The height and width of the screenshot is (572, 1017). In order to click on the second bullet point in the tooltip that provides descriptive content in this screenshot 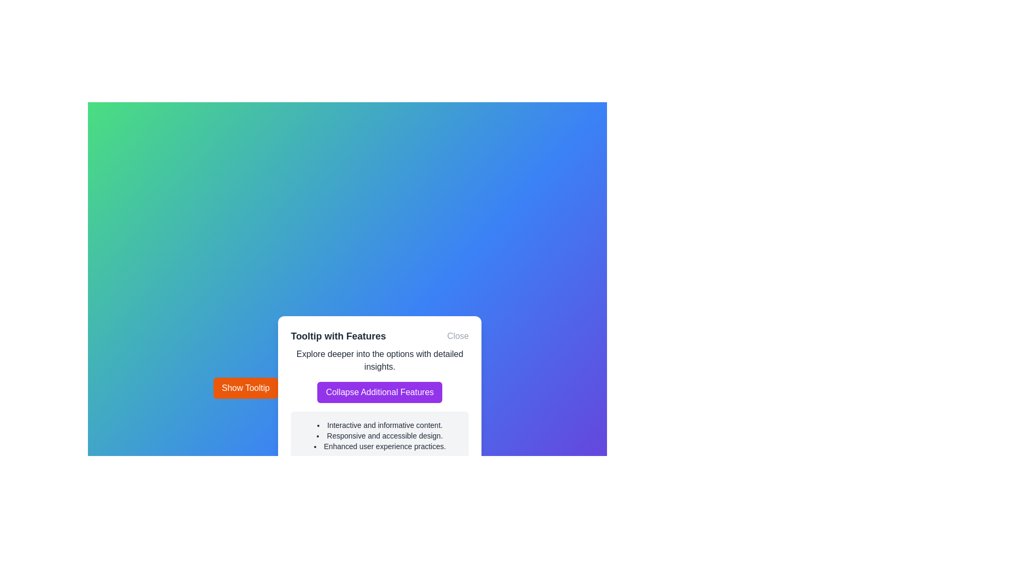, I will do `click(380, 435)`.